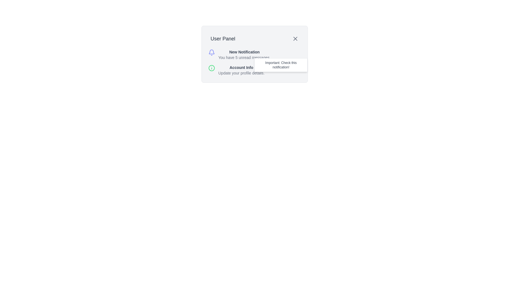  What do you see at coordinates (295, 38) in the screenshot?
I see `the close button located in the top-right corner of the 'User Panel' modal` at bounding box center [295, 38].